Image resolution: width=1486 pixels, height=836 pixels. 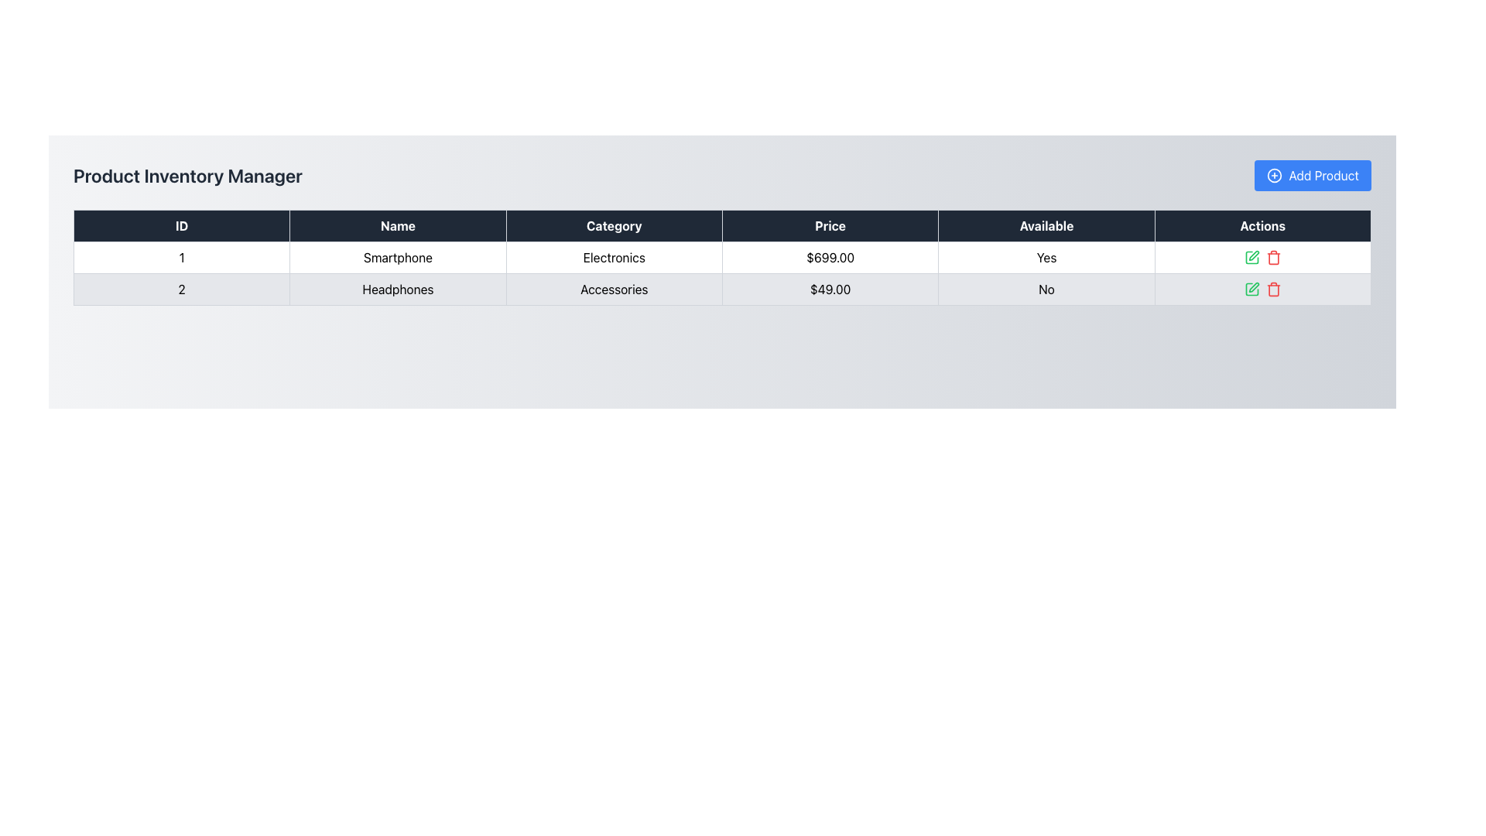 I want to click on the pen SVG icon in the 'Actions' column of the second row, so click(x=1254, y=287).